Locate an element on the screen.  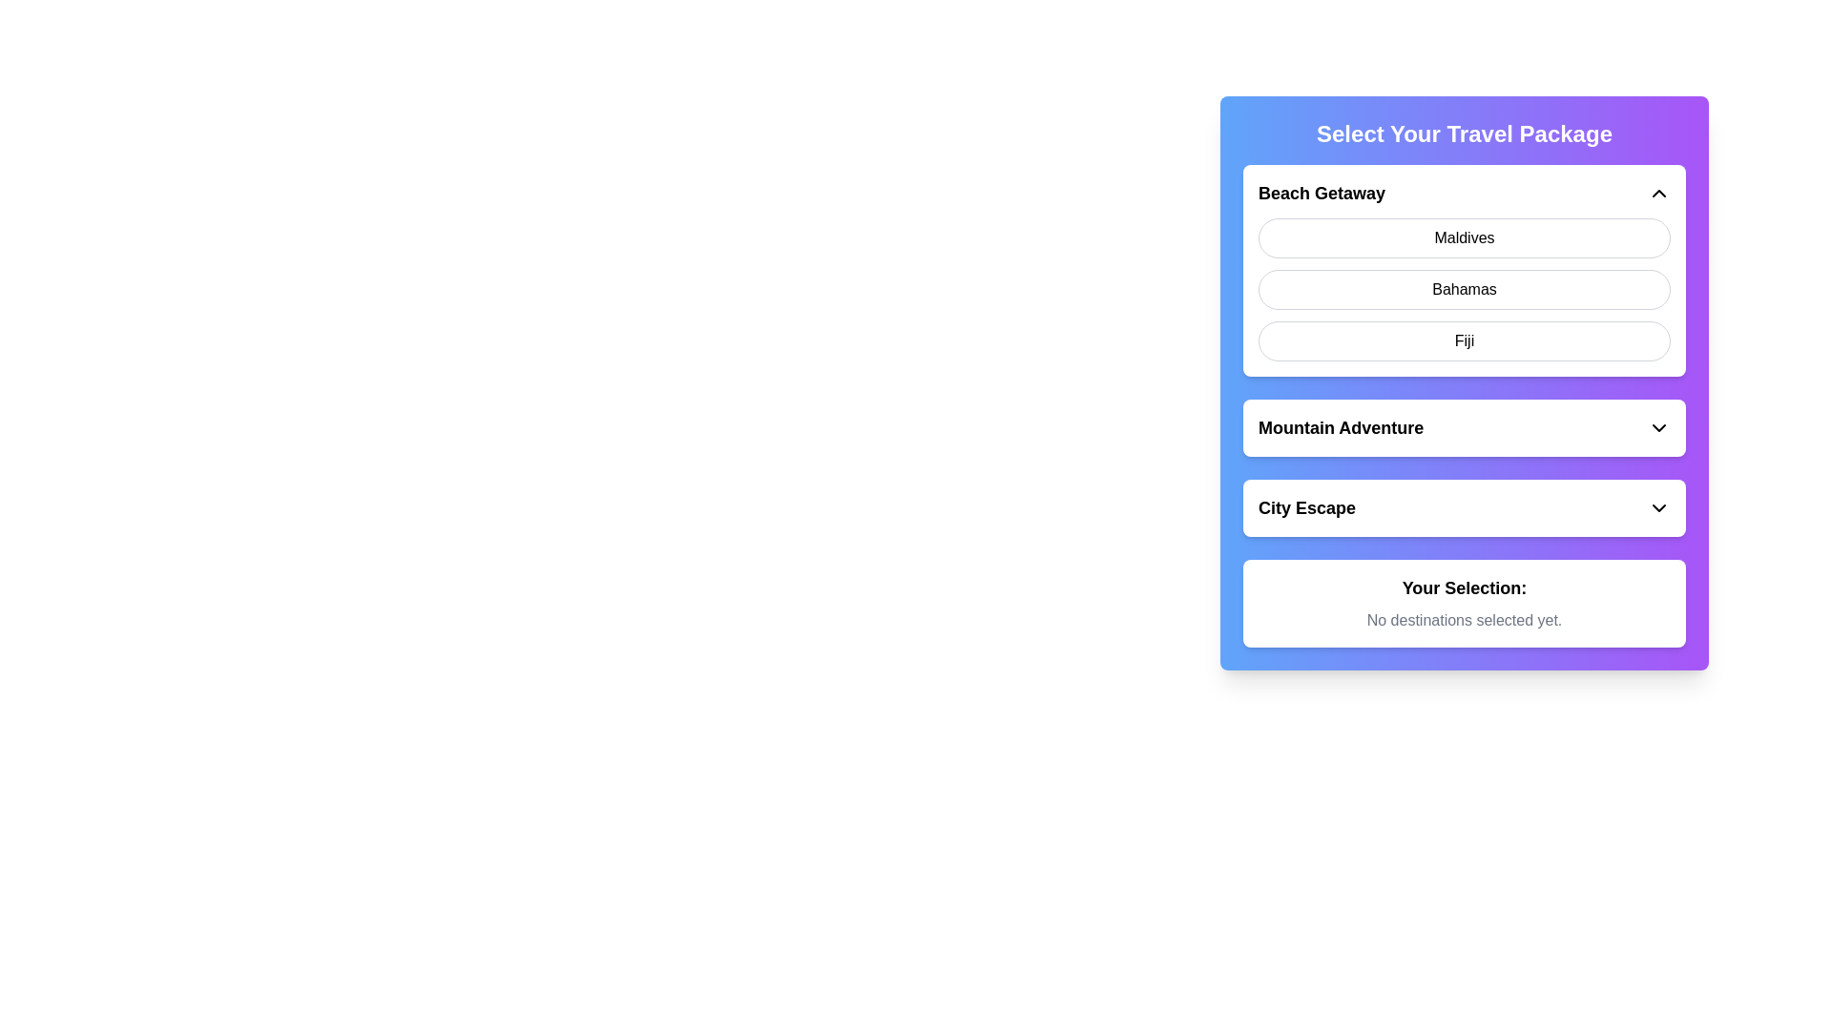
the 'Fiji' button, which is a rectangular button with rounded corners displaying the text 'Fiji' in black on a white background, located in the 'Beach Getaway' section is located at coordinates (1464, 340).